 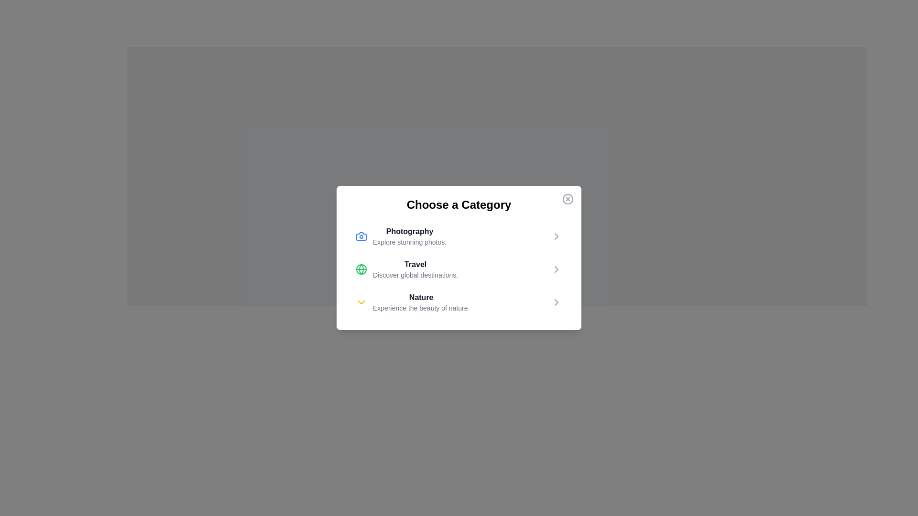 I want to click on the chevron icon located in the rightmost part of the row labeled 'Travel, Discover global destinations.', so click(x=556, y=269).